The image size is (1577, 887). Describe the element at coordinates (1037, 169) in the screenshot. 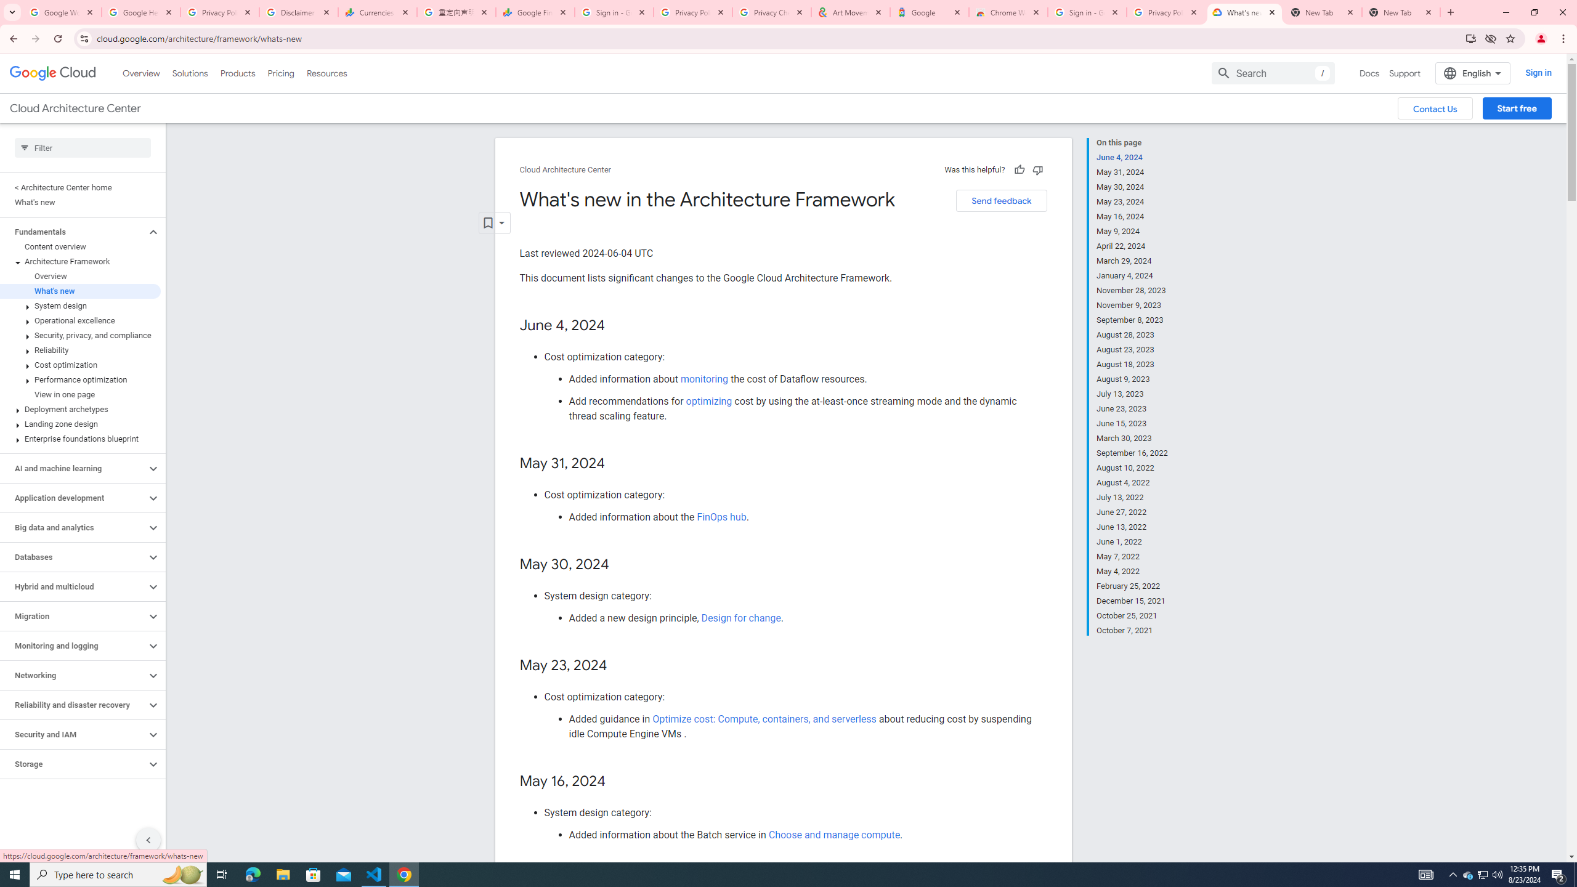

I see `'Not helpful'` at that location.